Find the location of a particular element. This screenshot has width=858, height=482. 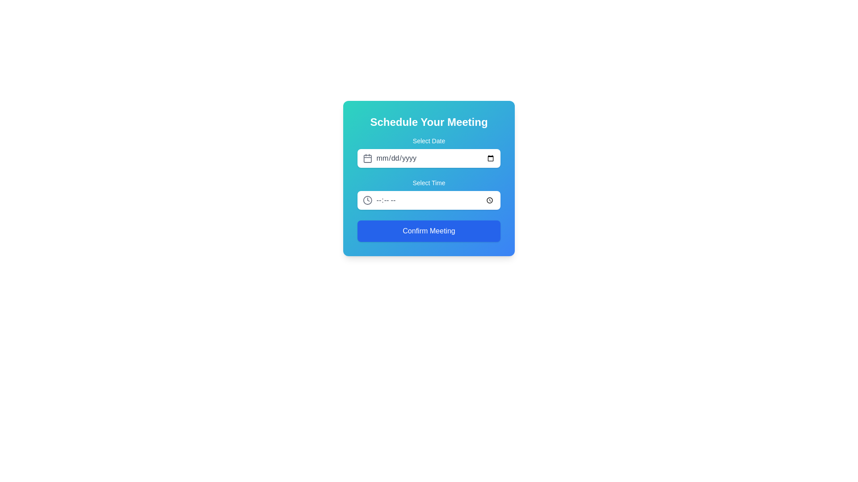

the central body of the calendar icon located to the left of the 'Select Date' input field in the scheduling interface is located at coordinates (367, 158).